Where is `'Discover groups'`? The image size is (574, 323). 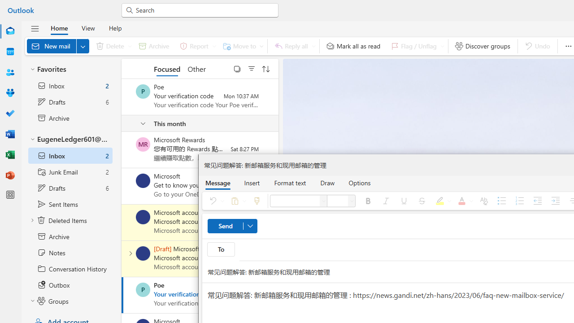 'Discover groups' is located at coordinates (482, 46).